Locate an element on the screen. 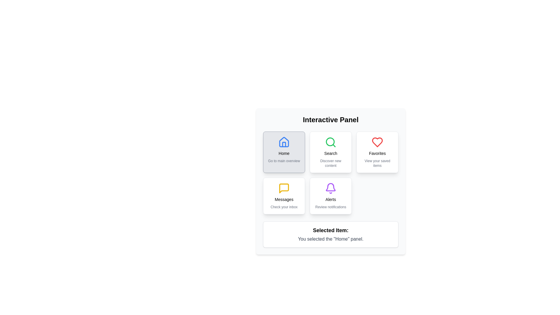 This screenshot has width=560, height=315. the 'Favorites' text label, which is located in the top-right corner of the grid layout, below a red heart-shaped icon and above a smaller descriptive text is located at coordinates (377, 153).